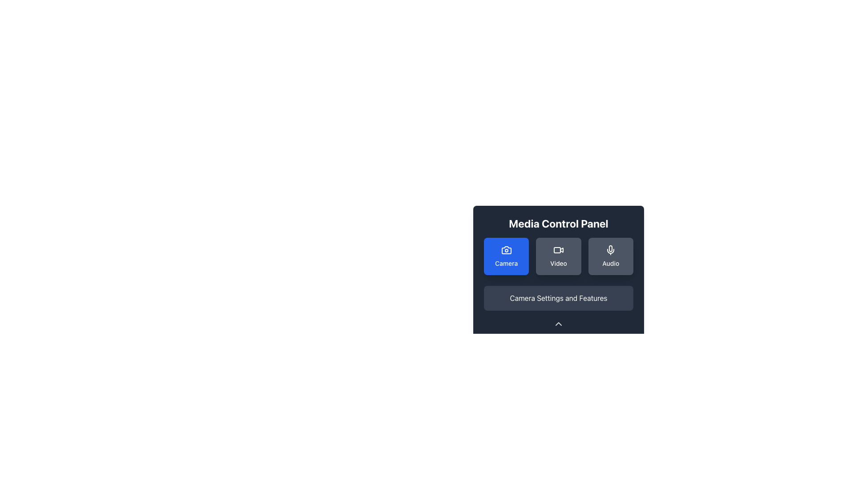 Image resolution: width=854 pixels, height=480 pixels. I want to click on the blue rectangular button with a camera icon and 'Camera' text, so click(506, 256).